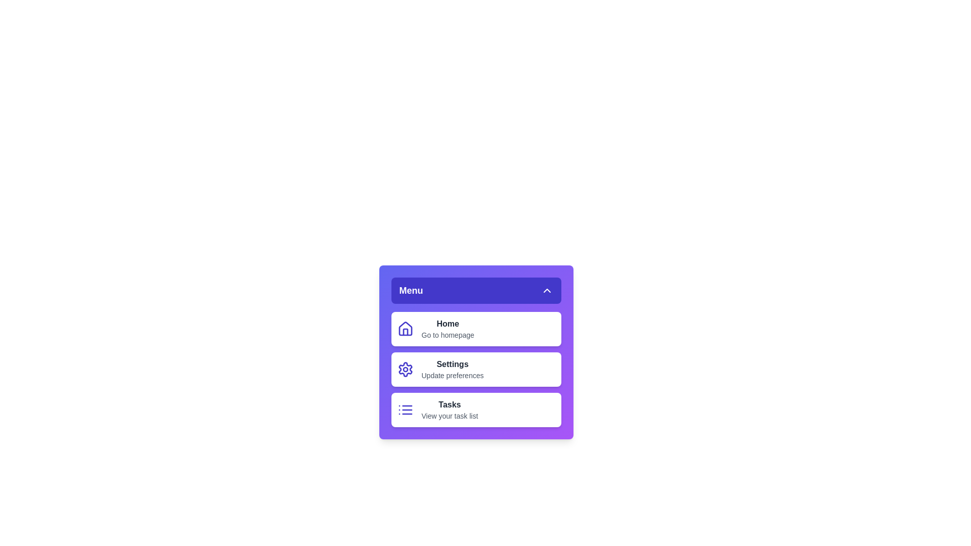  Describe the element at coordinates (475, 290) in the screenshot. I see `the Menu button to toggle its visibility` at that location.